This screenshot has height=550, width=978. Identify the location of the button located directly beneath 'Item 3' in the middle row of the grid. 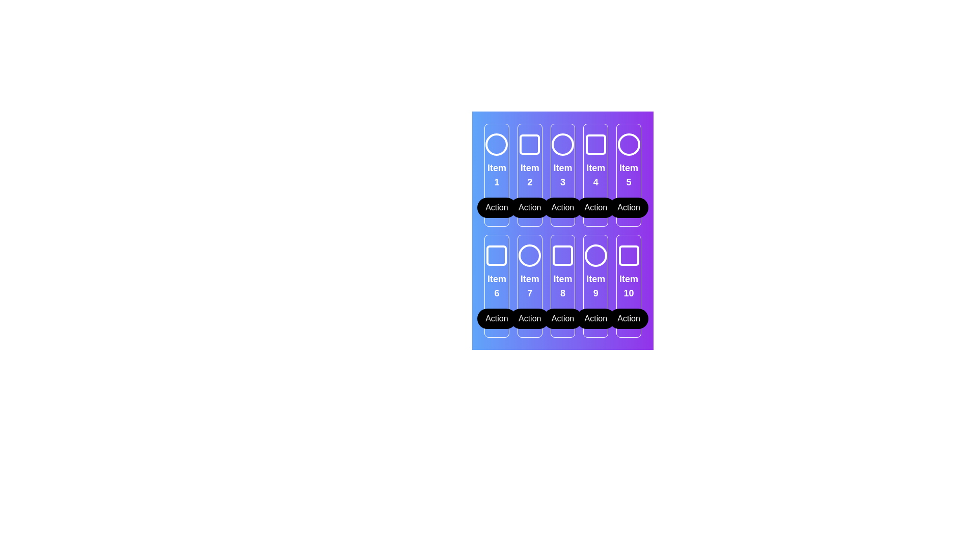
(562, 207).